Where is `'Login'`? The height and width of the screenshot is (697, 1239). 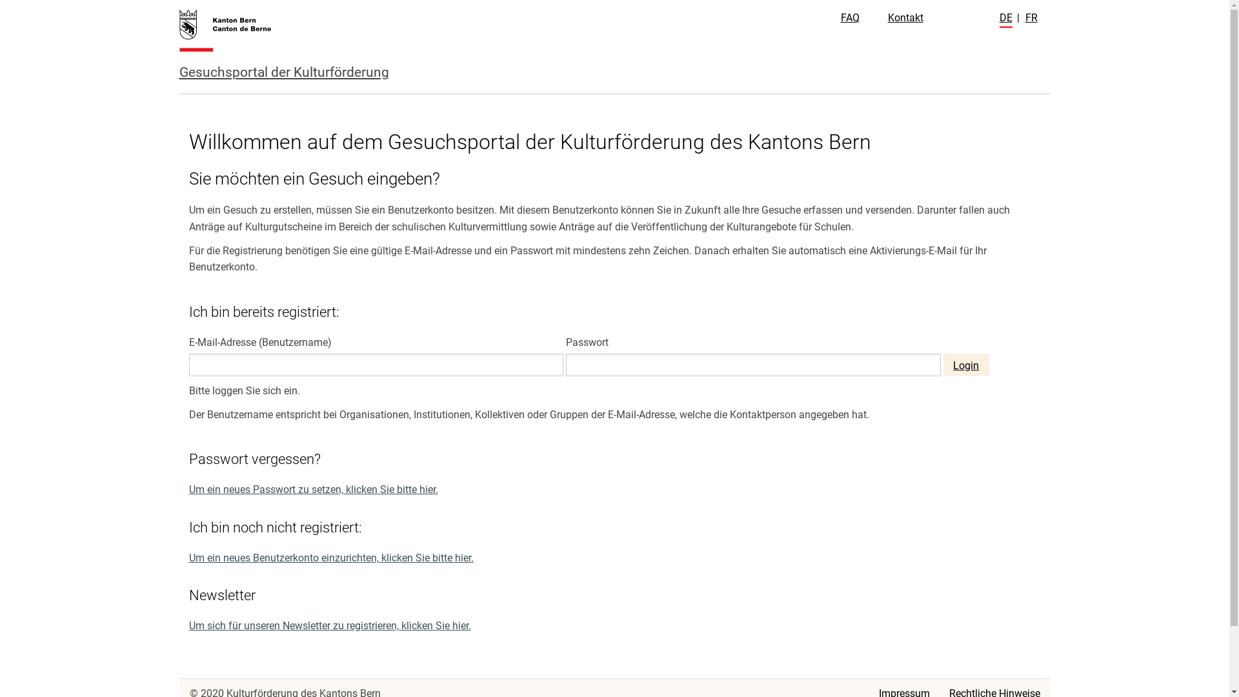 'Login' is located at coordinates (943, 365).